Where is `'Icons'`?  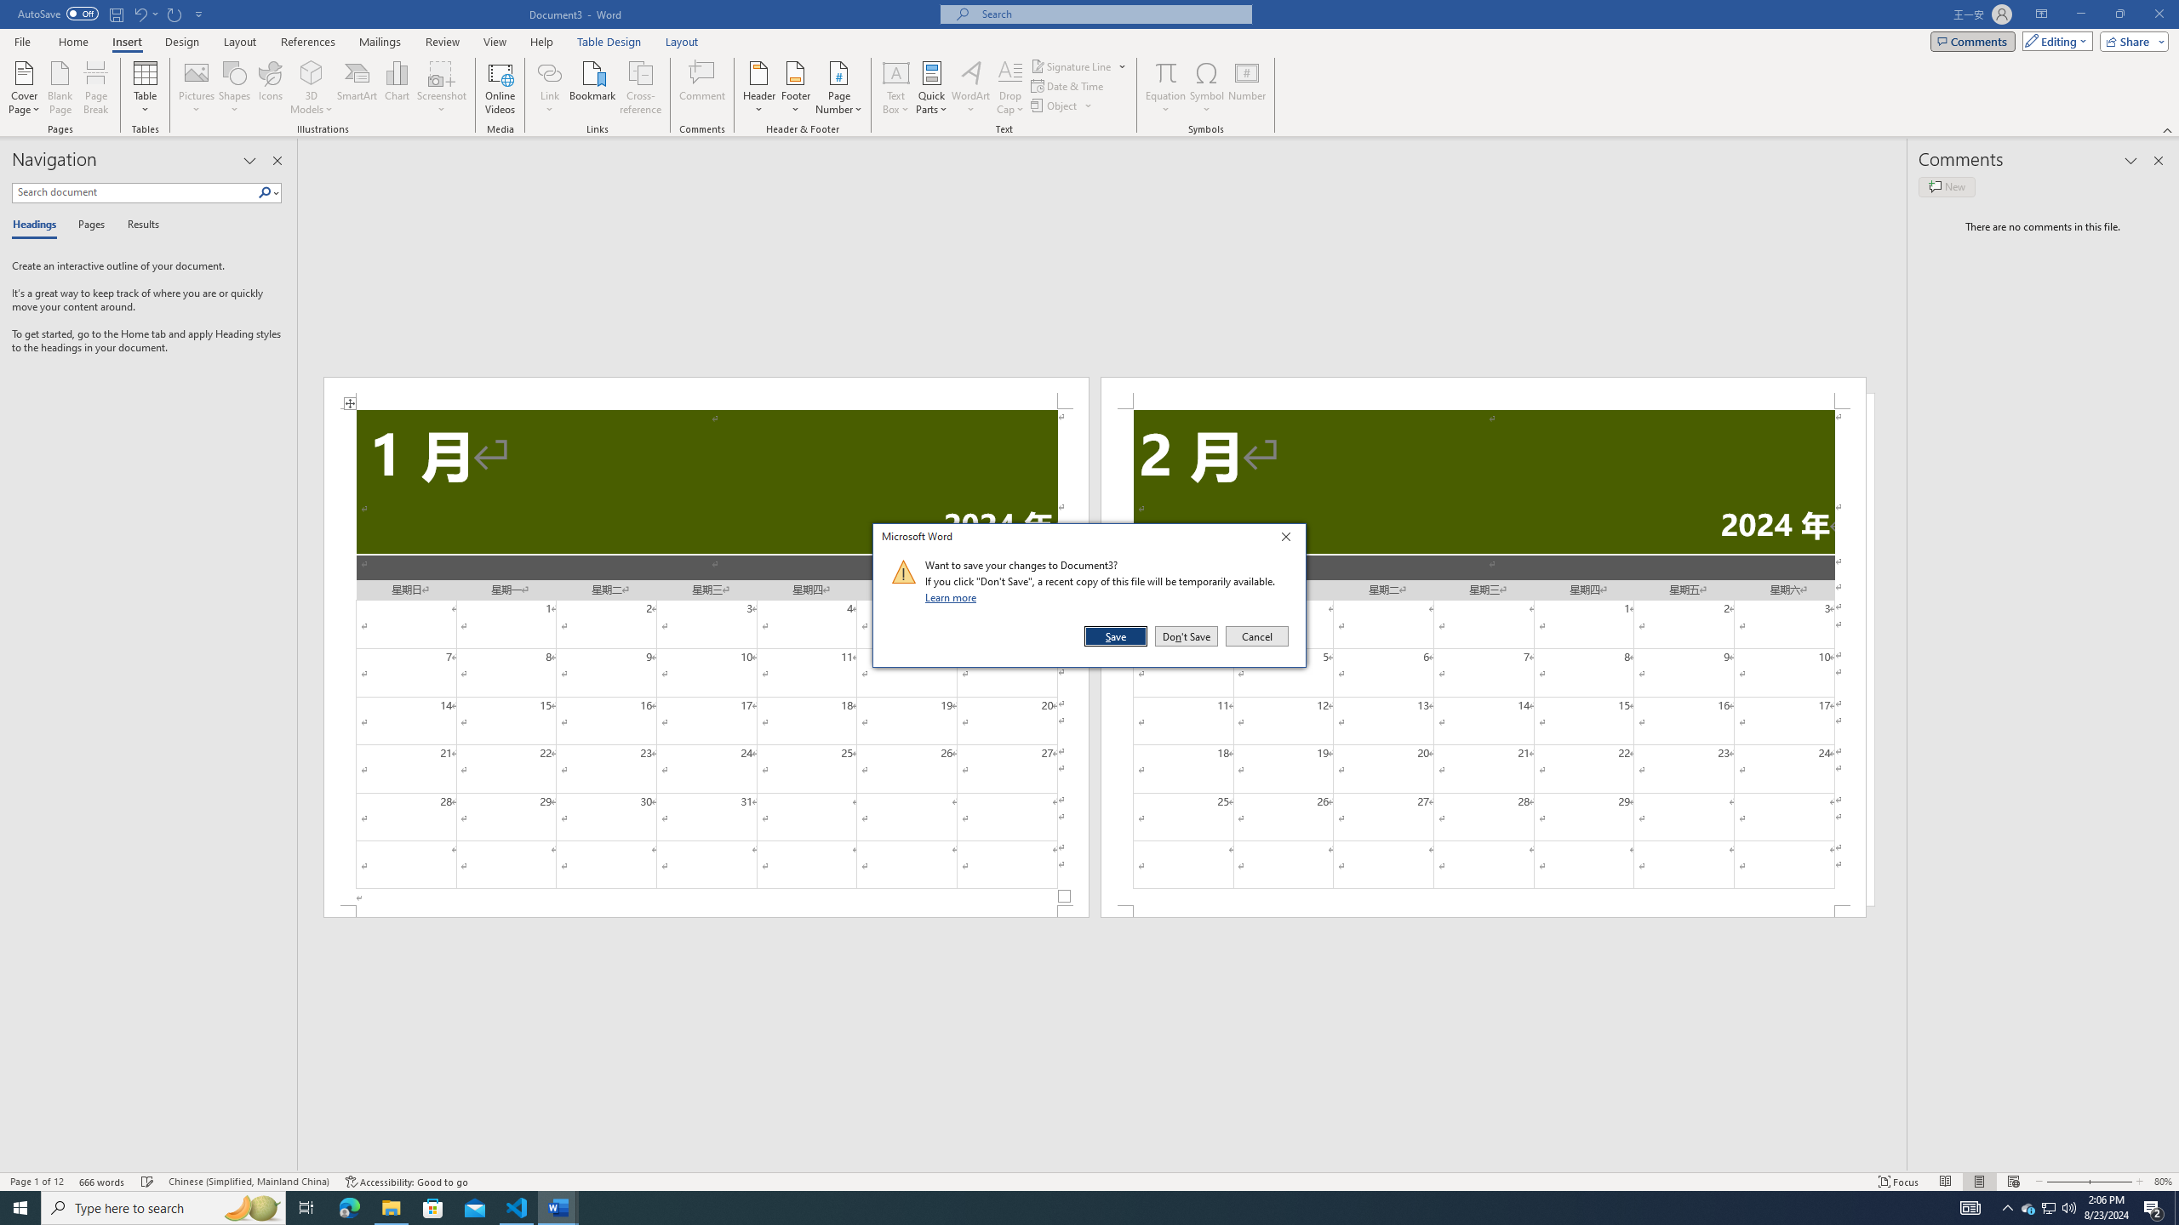
'Icons' is located at coordinates (270, 88).